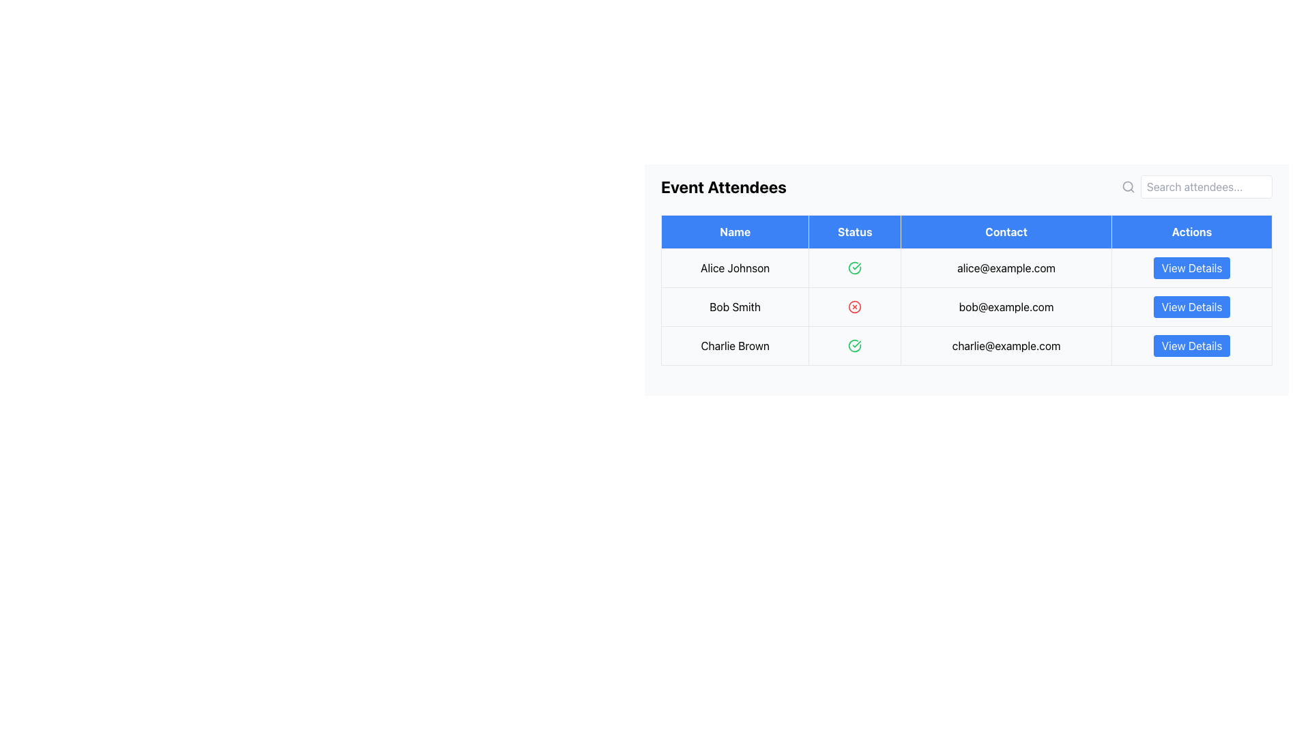 This screenshot has width=1310, height=737. I want to click on text label displaying the email address 'charlie@example.com' located in the third row of the table under the 'Contact' column, so click(1006, 345).